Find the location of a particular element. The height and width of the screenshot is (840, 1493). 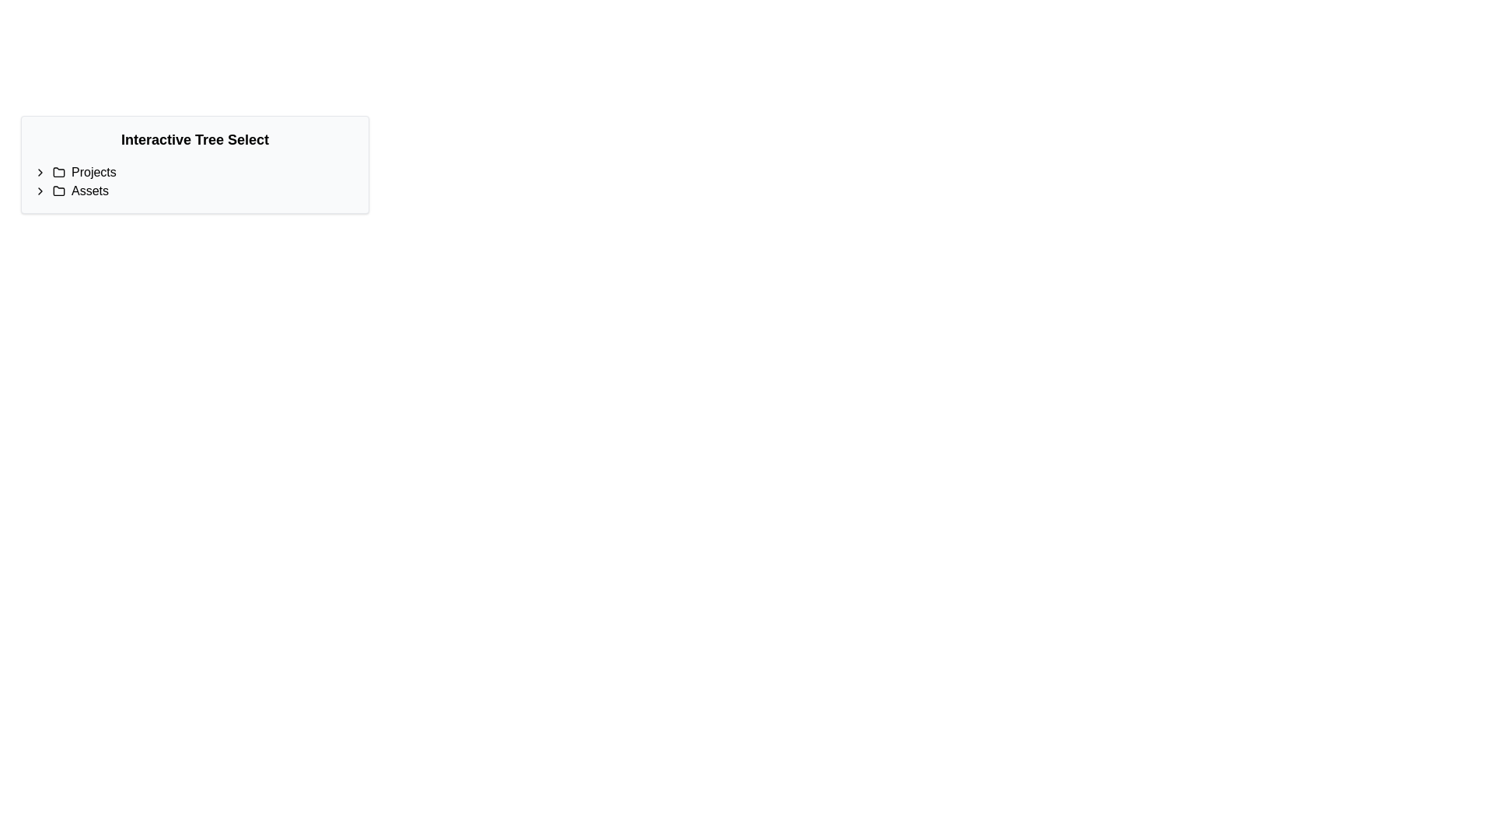

the text label reading 'Projects' located beneath the heading 'Interactive Tree Select' is located at coordinates (93, 173).